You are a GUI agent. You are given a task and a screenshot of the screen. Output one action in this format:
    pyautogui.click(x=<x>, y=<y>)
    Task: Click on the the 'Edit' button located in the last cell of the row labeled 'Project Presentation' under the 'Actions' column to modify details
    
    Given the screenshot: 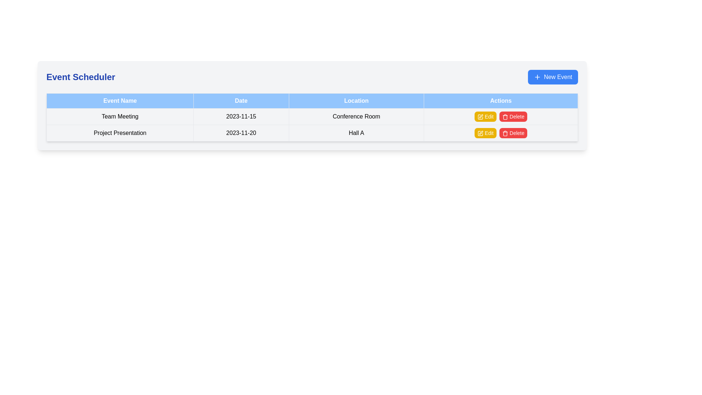 What is the action you would take?
    pyautogui.click(x=501, y=133)
    